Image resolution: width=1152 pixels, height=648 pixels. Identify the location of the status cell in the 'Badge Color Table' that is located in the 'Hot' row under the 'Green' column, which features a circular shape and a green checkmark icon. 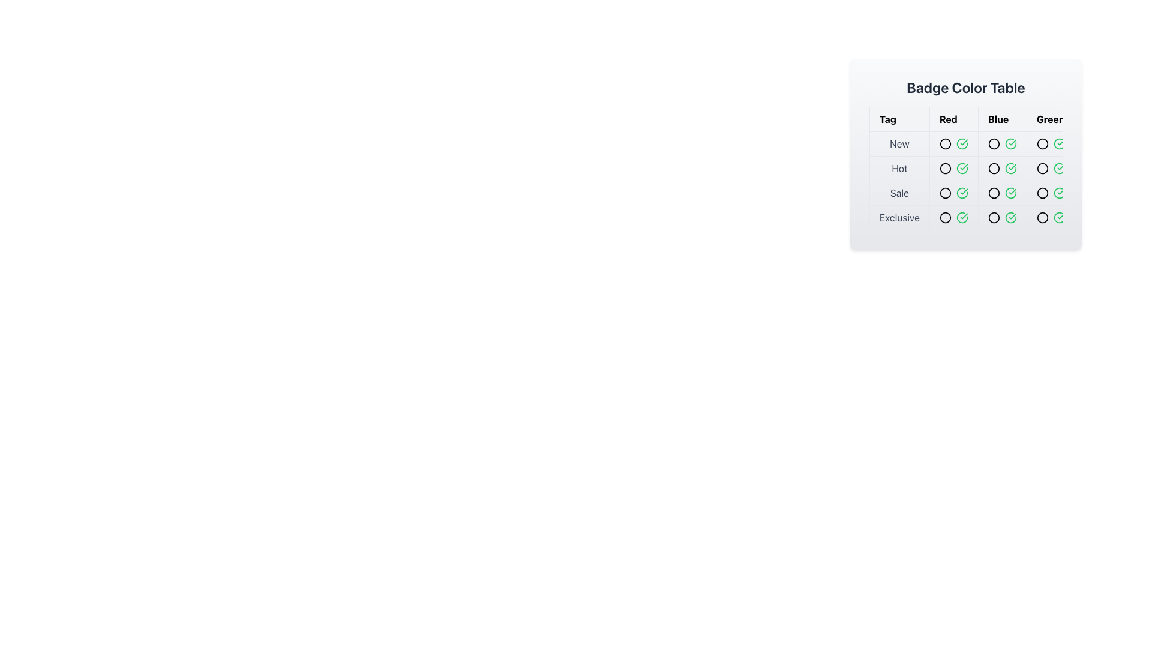
(1050, 169).